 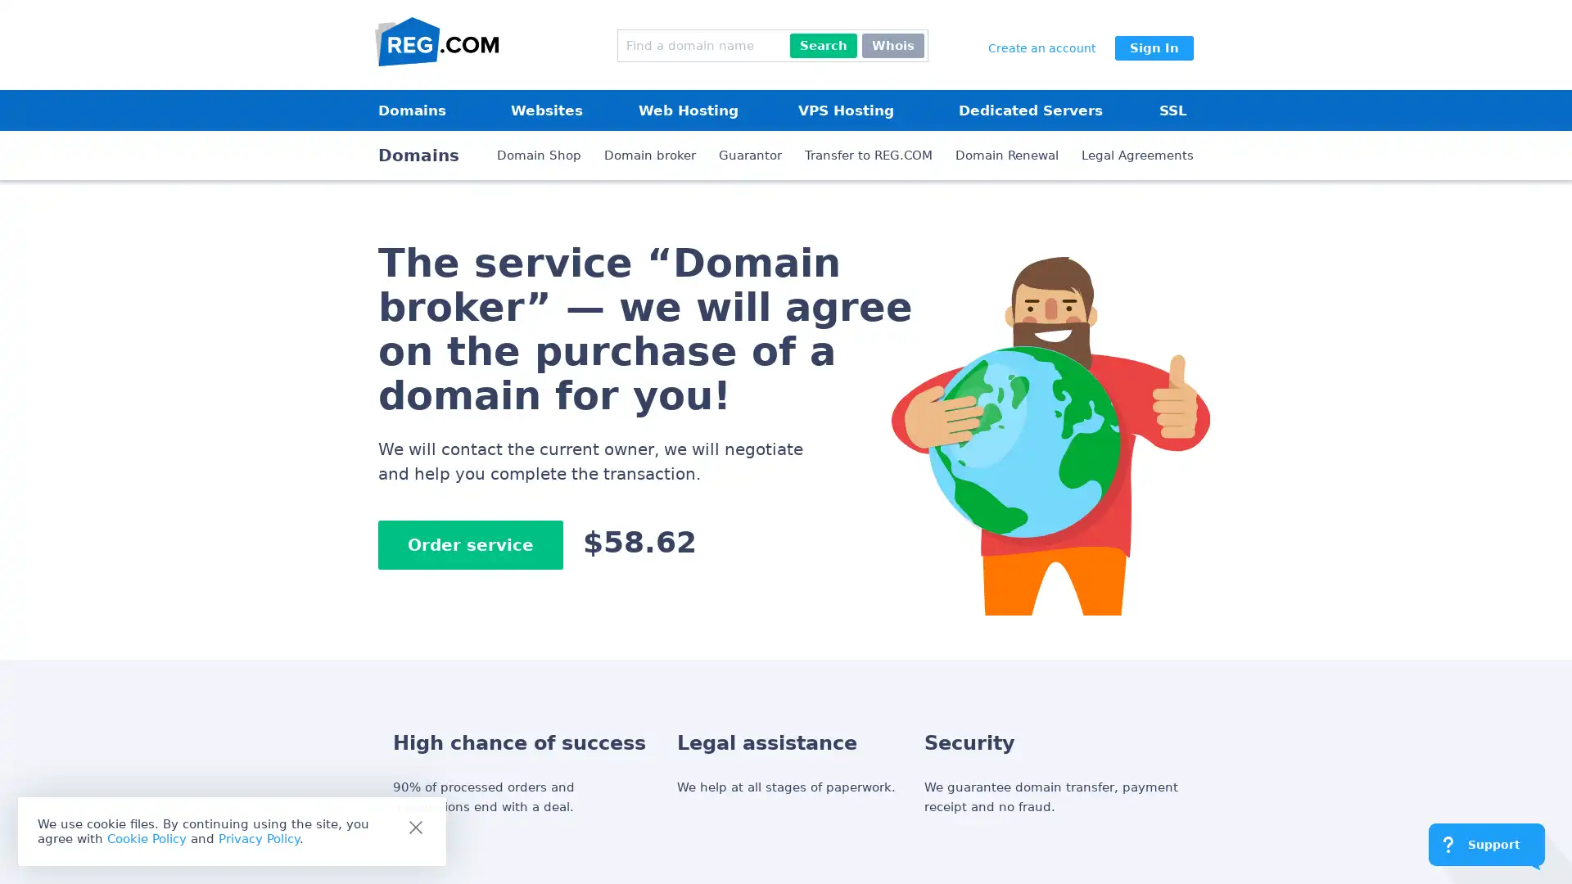 What do you see at coordinates (824, 45) in the screenshot?
I see `Search` at bounding box center [824, 45].